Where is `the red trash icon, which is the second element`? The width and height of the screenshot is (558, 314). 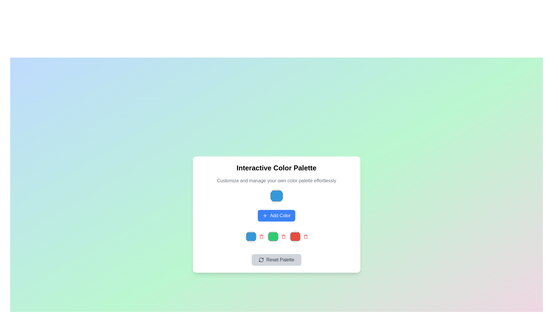
the red trash icon, which is the second element is located at coordinates (305, 236).